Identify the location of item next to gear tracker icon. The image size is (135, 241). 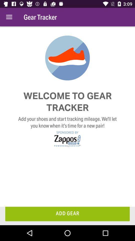
(9, 17).